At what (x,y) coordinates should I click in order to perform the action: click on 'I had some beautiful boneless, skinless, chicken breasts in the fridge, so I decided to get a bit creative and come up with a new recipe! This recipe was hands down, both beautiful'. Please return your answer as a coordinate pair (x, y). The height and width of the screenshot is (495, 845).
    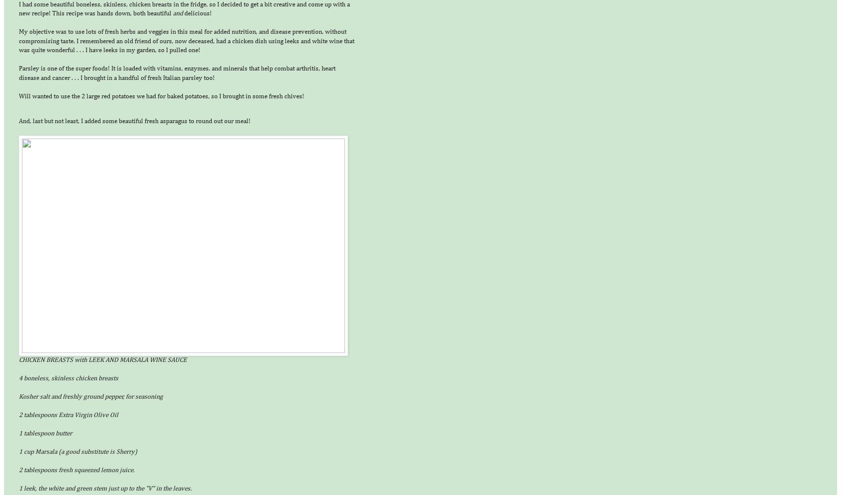
    Looking at the image, I should click on (183, 9).